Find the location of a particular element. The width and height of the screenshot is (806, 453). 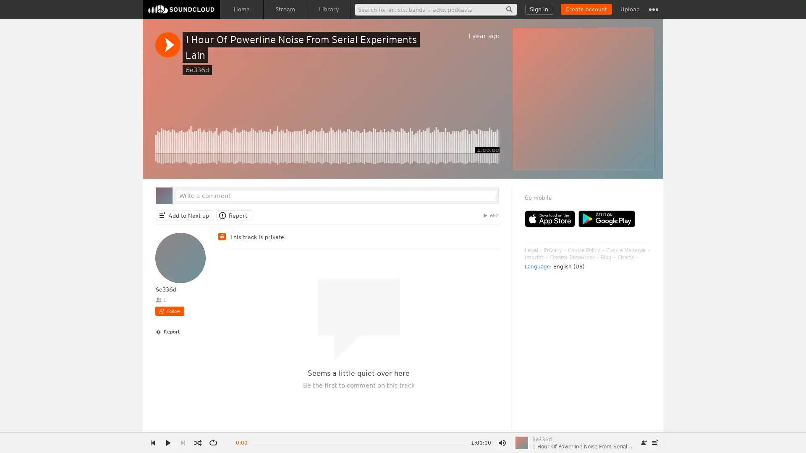

Toggle mute is located at coordinates (502, 443).